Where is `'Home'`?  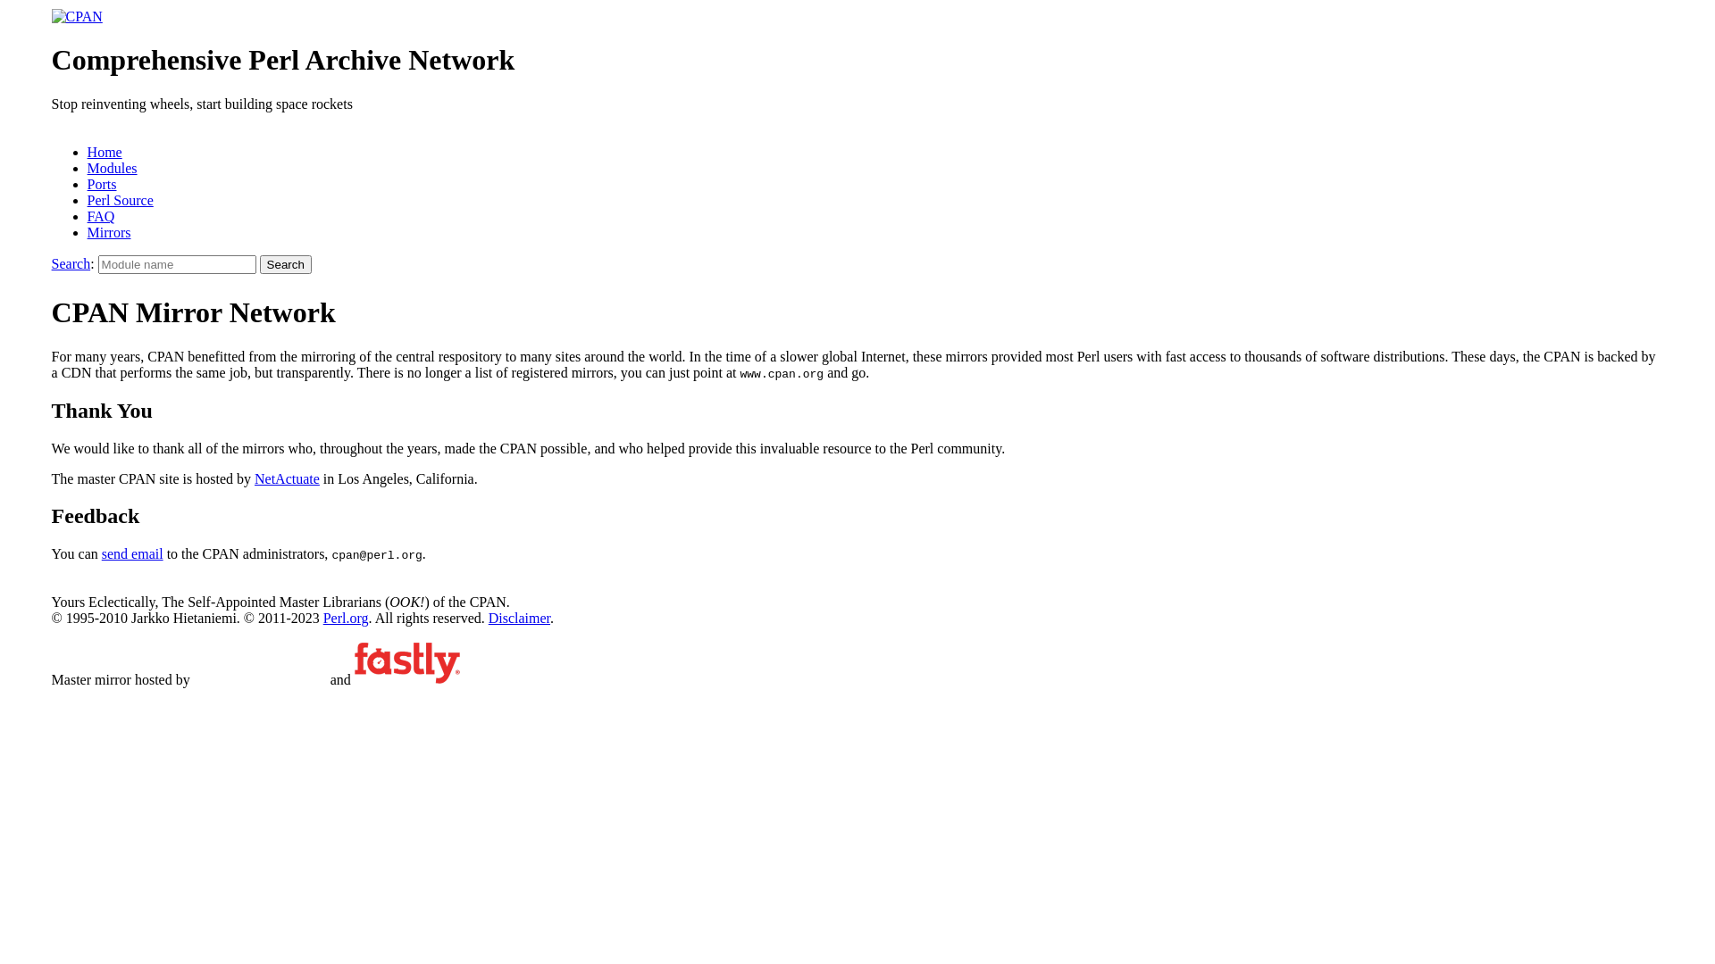
'Home' is located at coordinates (104, 151).